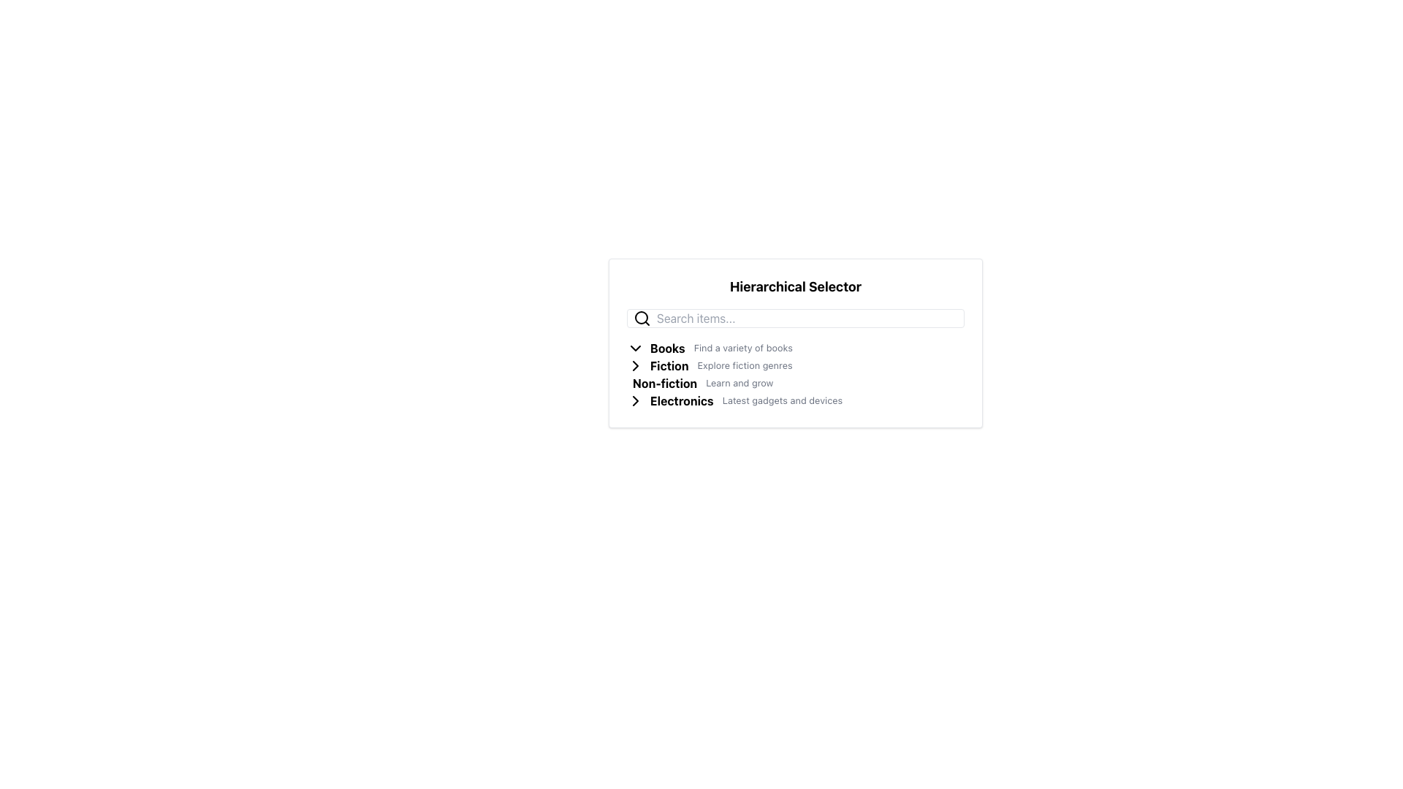 This screenshot has height=789, width=1403. Describe the element at coordinates (681, 400) in the screenshot. I see `the 'Electronics' text label` at that location.